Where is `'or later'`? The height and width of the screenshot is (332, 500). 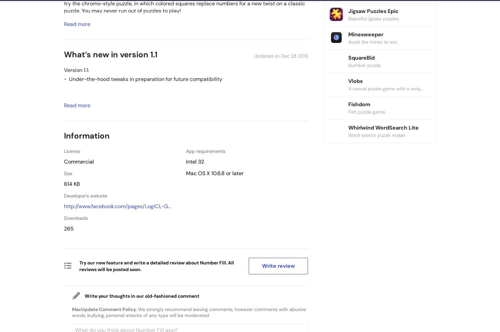 'or later' is located at coordinates (224, 173).